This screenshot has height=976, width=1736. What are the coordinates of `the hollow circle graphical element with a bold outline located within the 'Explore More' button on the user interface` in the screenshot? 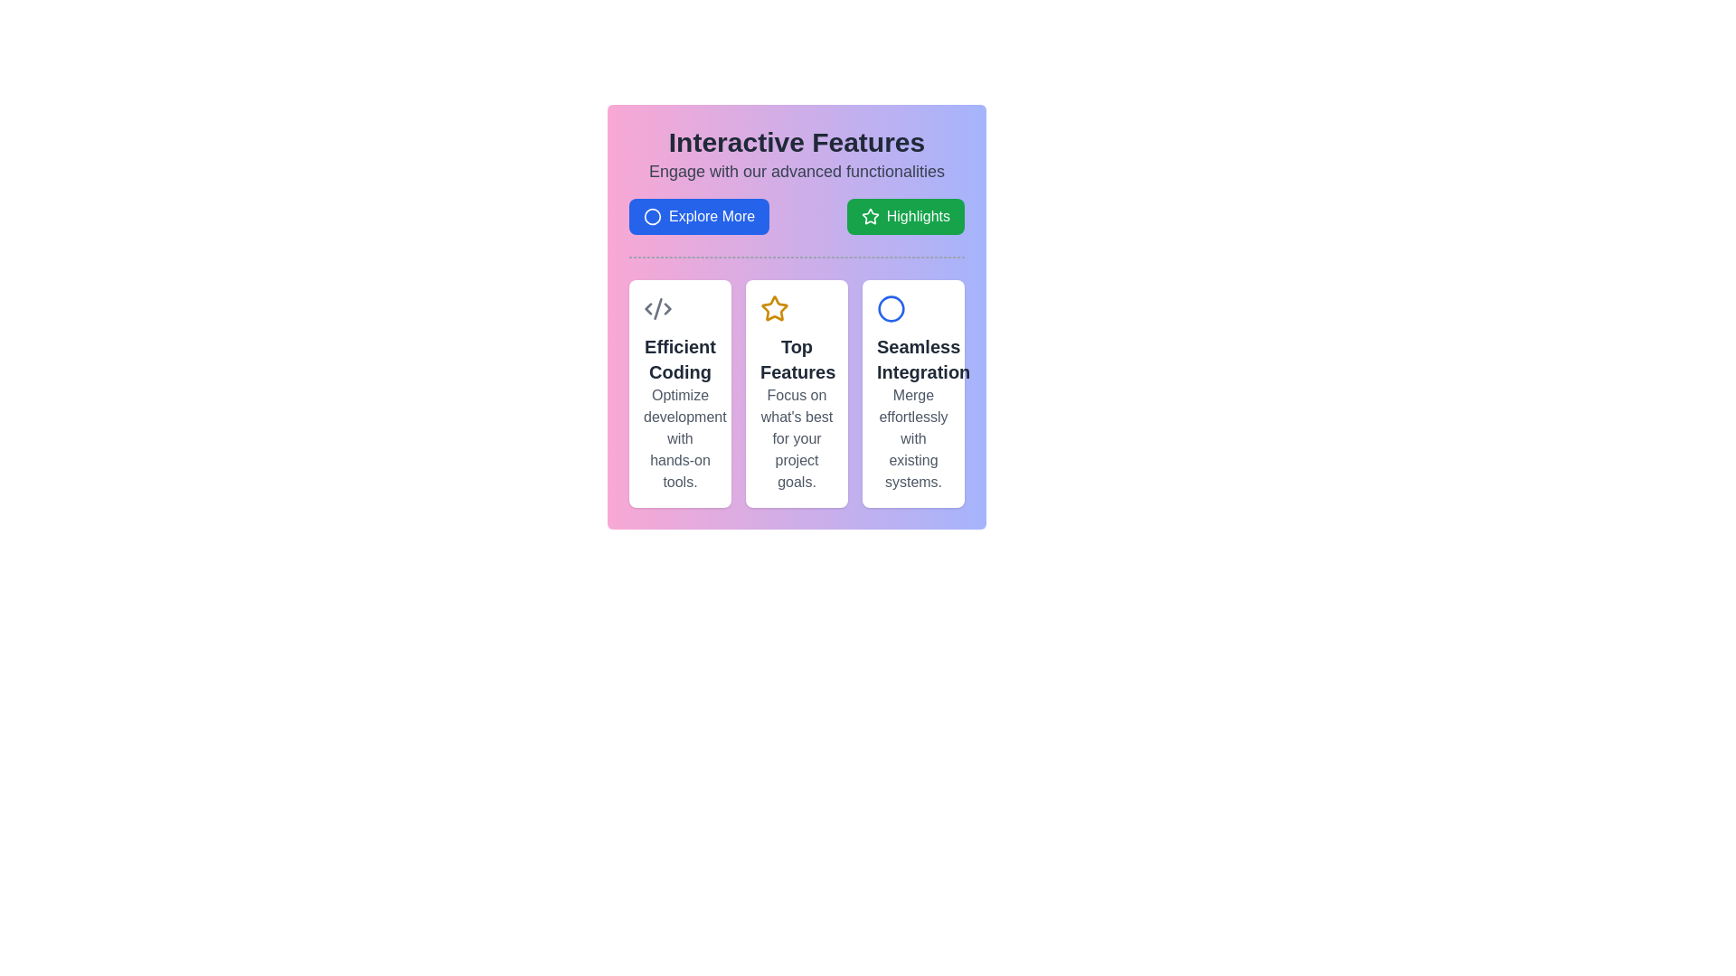 It's located at (651, 215).